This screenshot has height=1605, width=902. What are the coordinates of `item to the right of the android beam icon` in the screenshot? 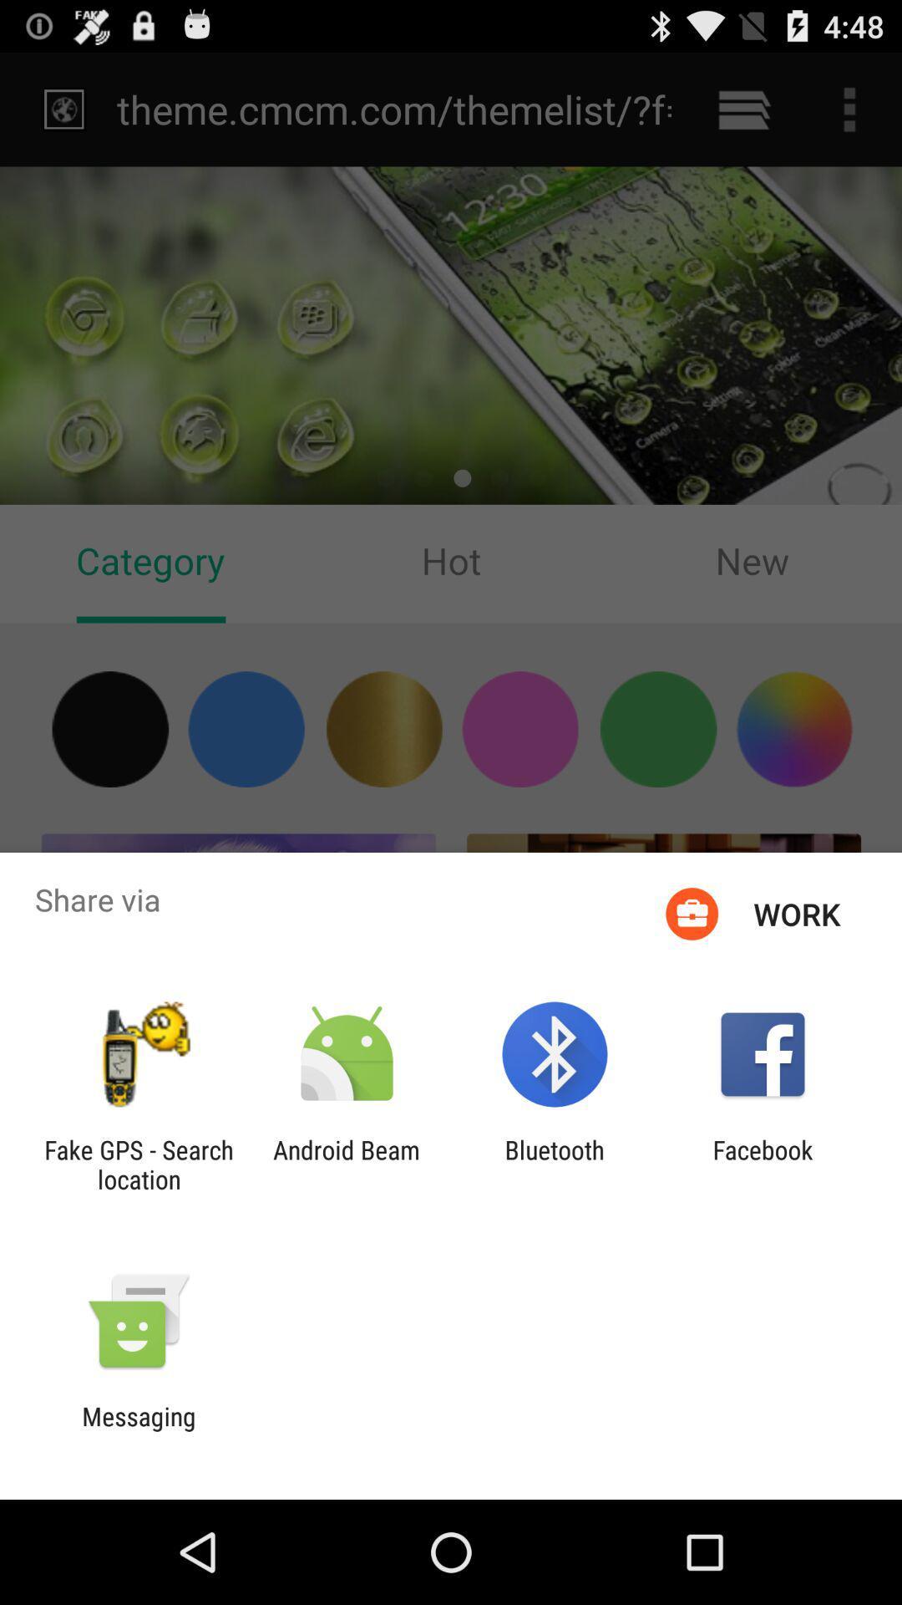 It's located at (555, 1164).